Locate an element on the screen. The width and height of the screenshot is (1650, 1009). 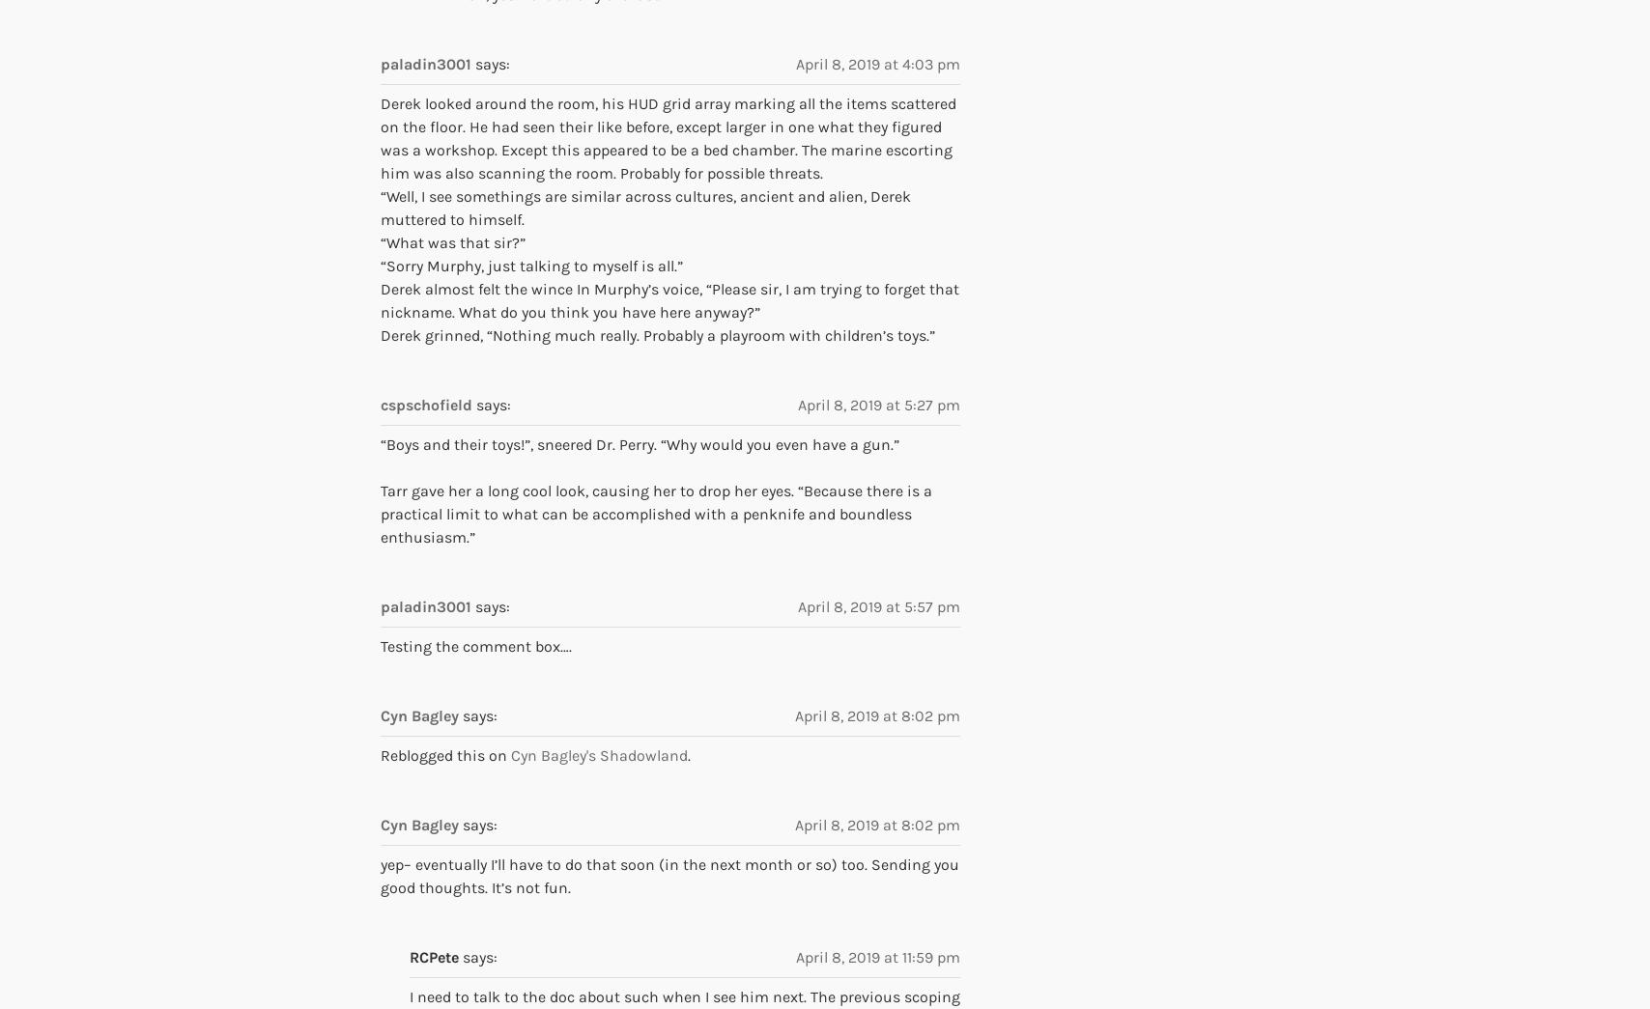
'April 8, 2019 at 5:57 pm' is located at coordinates (879, 604).